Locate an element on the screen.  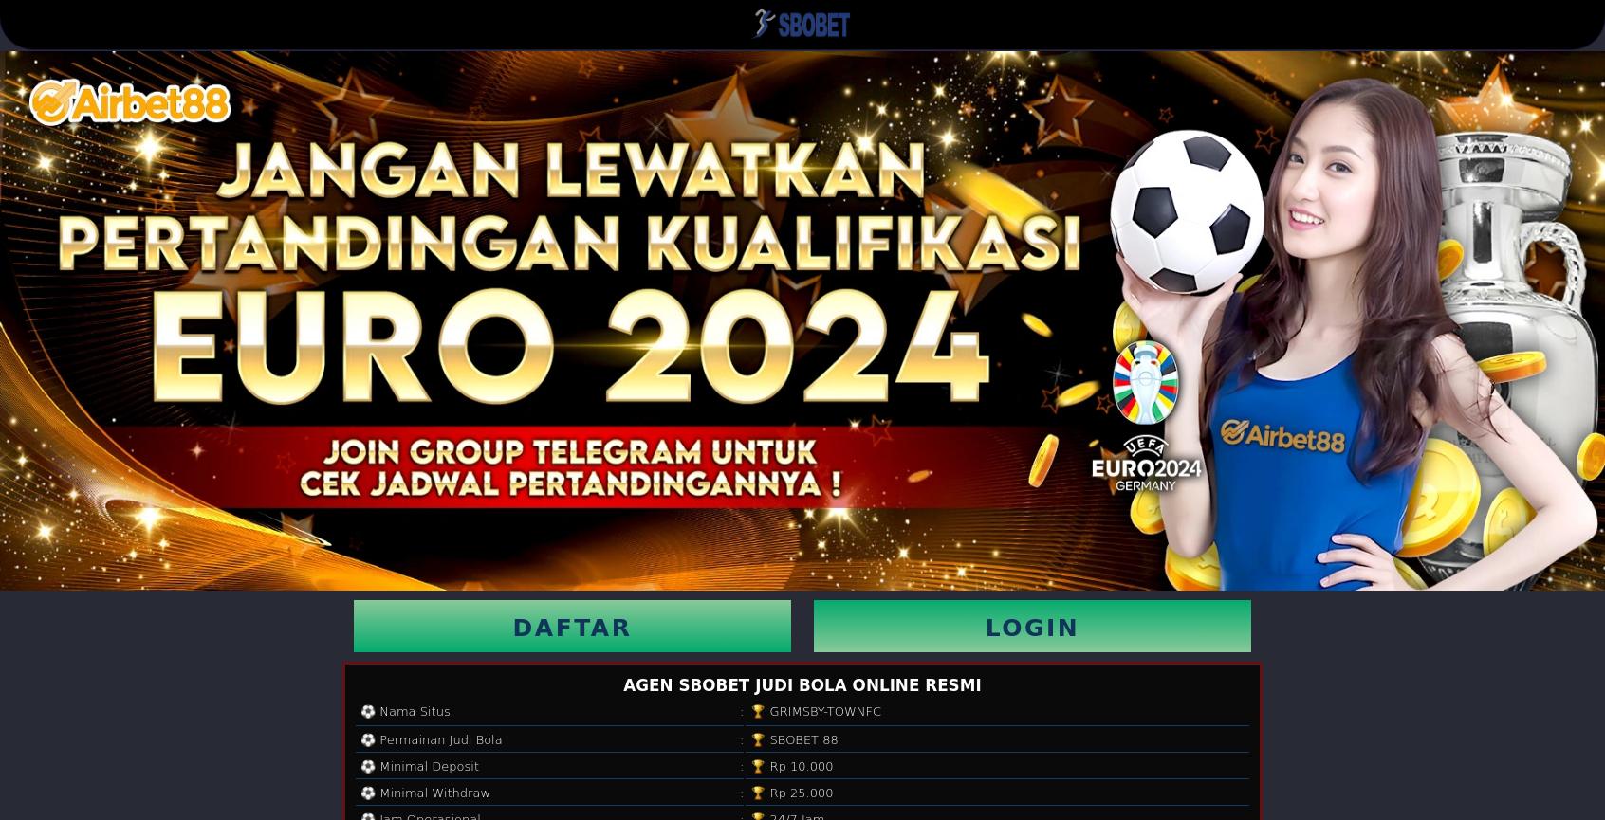
'DAFTAR' is located at coordinates (571, 627).